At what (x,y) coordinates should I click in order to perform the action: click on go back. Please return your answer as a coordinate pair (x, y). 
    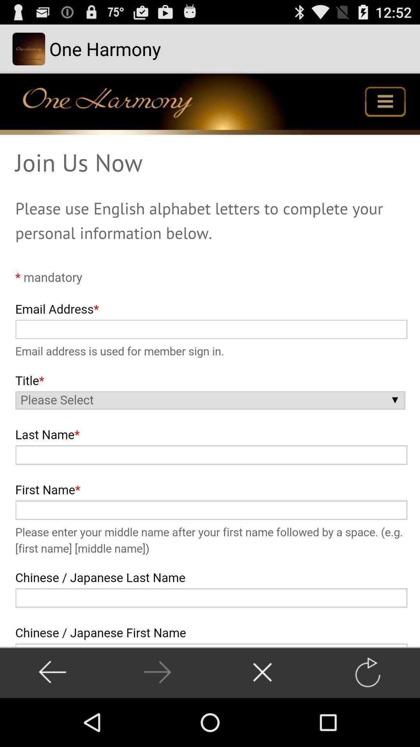
    Looking at the image, I should click on (52, 672).